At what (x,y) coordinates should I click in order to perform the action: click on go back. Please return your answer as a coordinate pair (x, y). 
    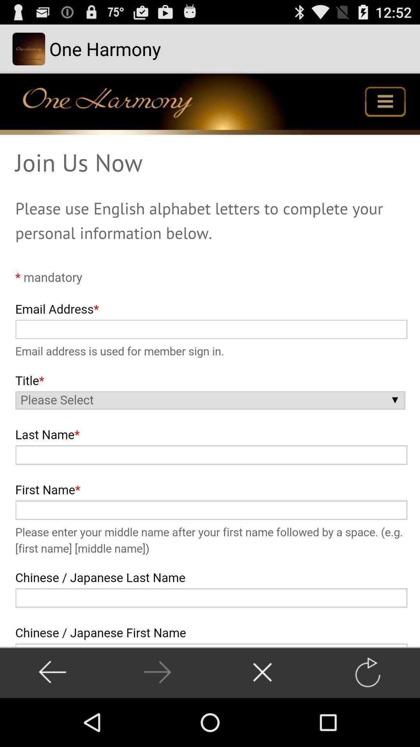
    Looking at the image, I should click on (52, 672).